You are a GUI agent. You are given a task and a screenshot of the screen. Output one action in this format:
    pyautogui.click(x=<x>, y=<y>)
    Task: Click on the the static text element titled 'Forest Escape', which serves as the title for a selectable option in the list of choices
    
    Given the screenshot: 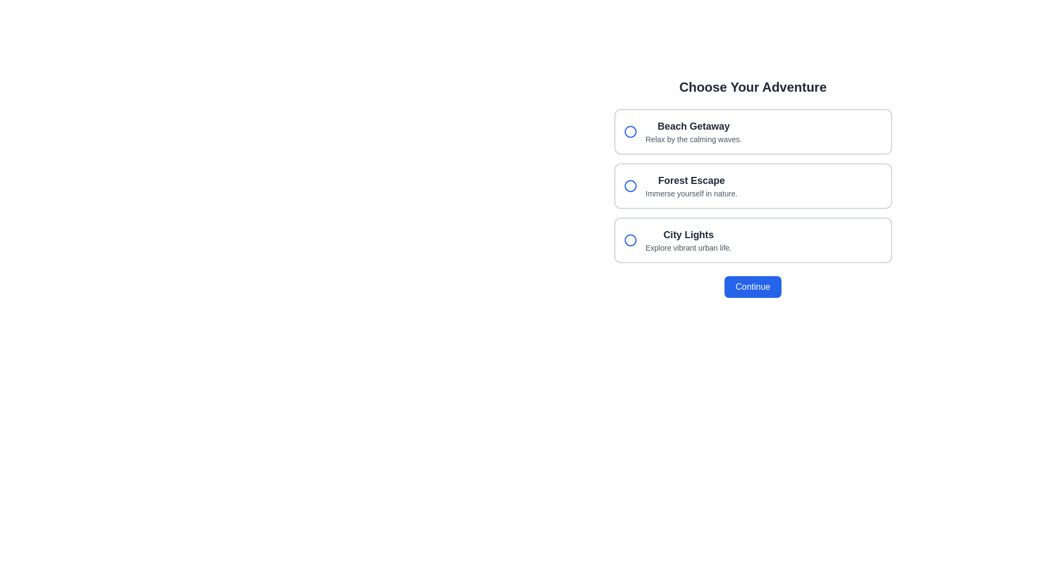 What is the action you would take?
    pyautogui.click(x=691, y=180)
    